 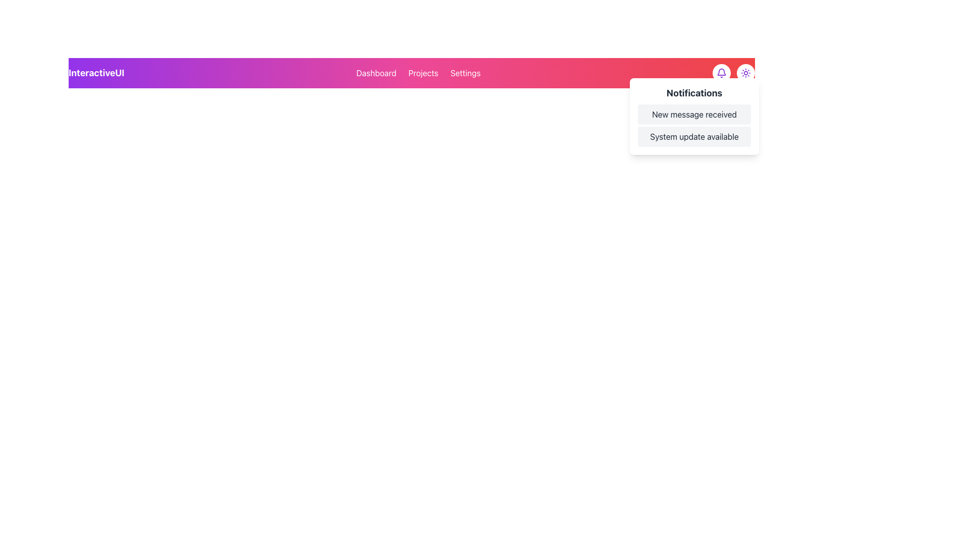 What do you see at coordinates (96, 73) in the screenshot?
I see `the 'InteractiveUI' text label, which is a bold, large font label located in the top-left corner of the navigation bar with a gradient background transitioning from purple to pink` at bounding box center [96, 73].